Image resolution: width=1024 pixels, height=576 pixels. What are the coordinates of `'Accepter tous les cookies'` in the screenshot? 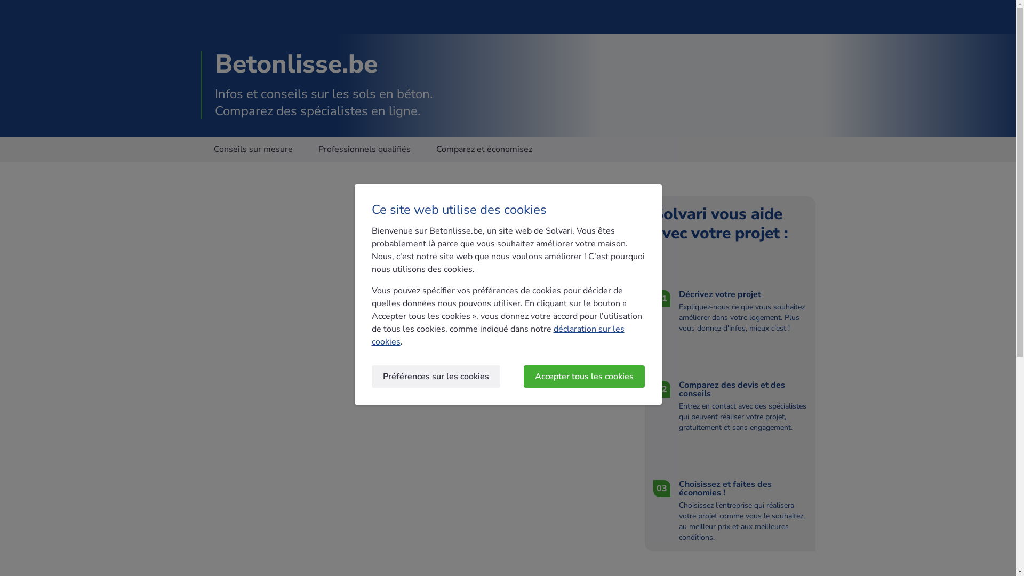 It's located at (583, 375).